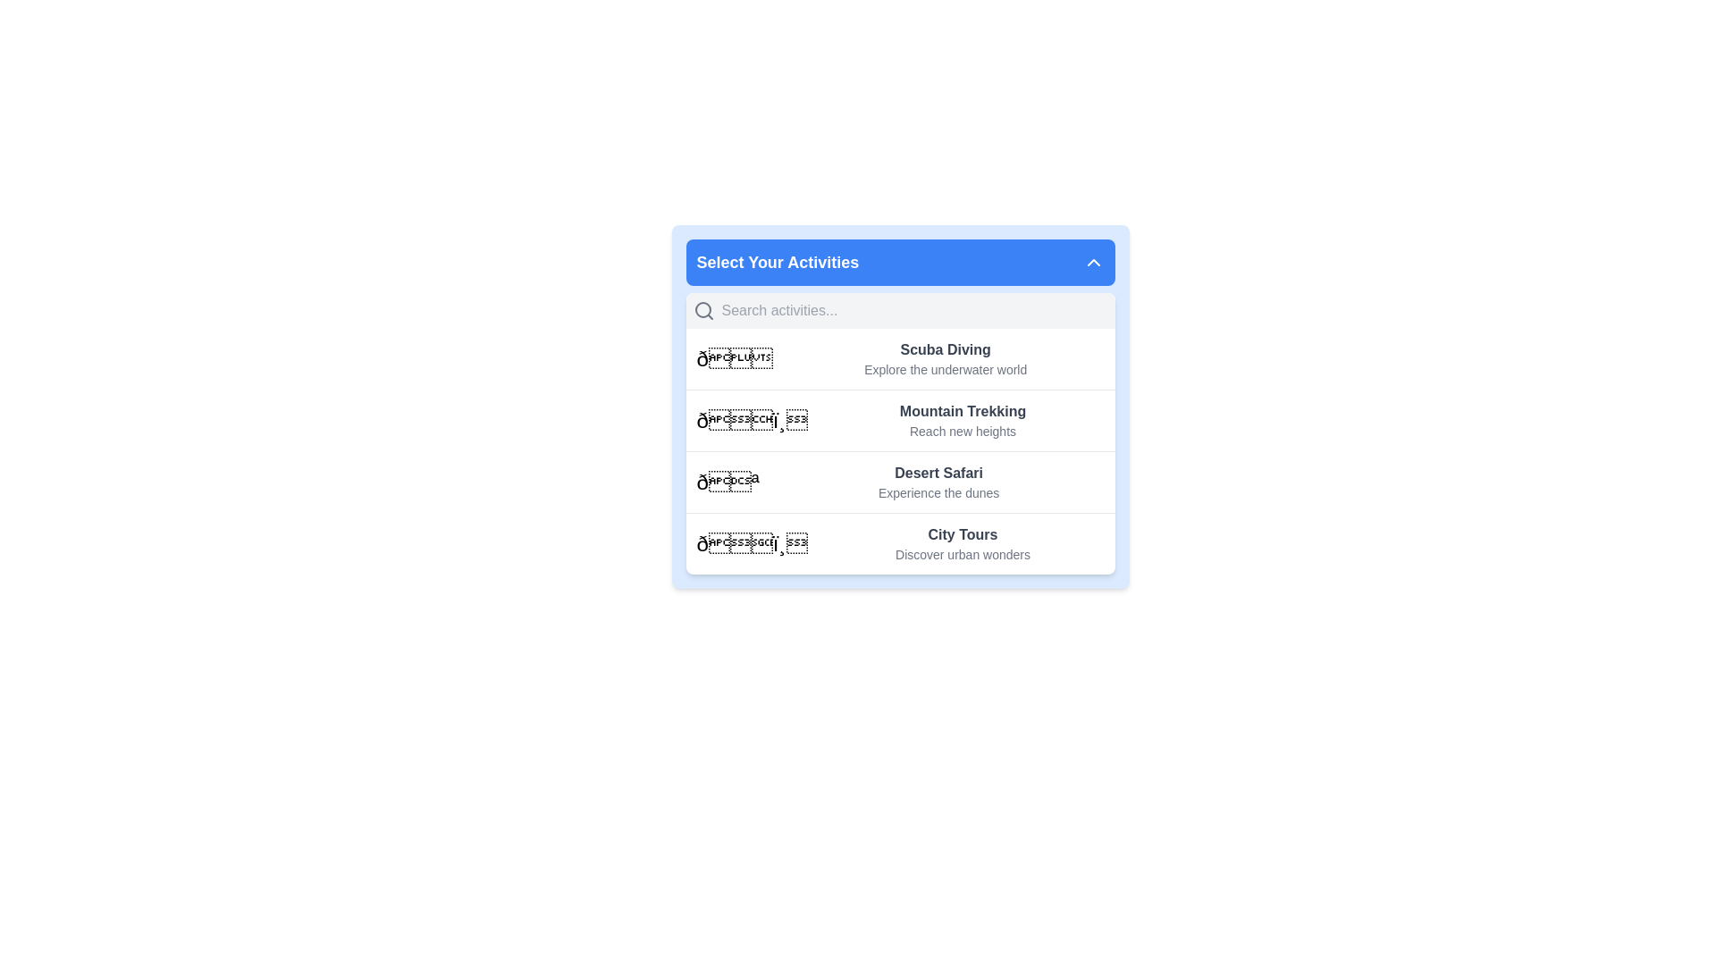 This screenshot has width=1716, height=965. I want to click on the label 'Experience the dunes' which is styled in gray and located directly underneath the bold label 'Desert Safari' to understand its context within the selectable items list, so click(938, 492).